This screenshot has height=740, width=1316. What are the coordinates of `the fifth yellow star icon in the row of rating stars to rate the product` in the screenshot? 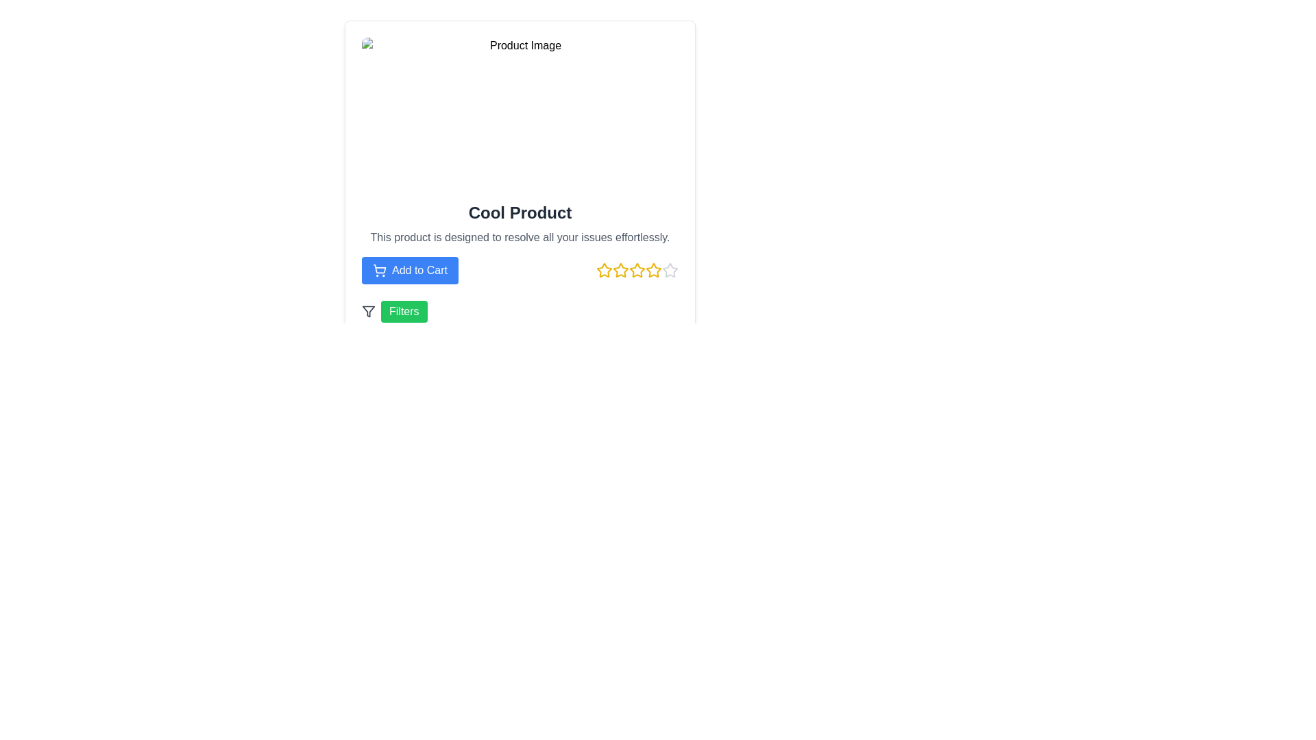 It's located at (637, 270).